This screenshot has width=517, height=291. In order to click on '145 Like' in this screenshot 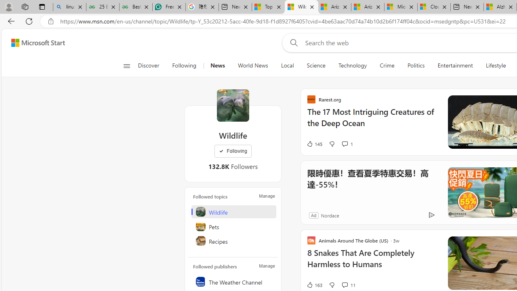, I will do `click(314, 143)`.